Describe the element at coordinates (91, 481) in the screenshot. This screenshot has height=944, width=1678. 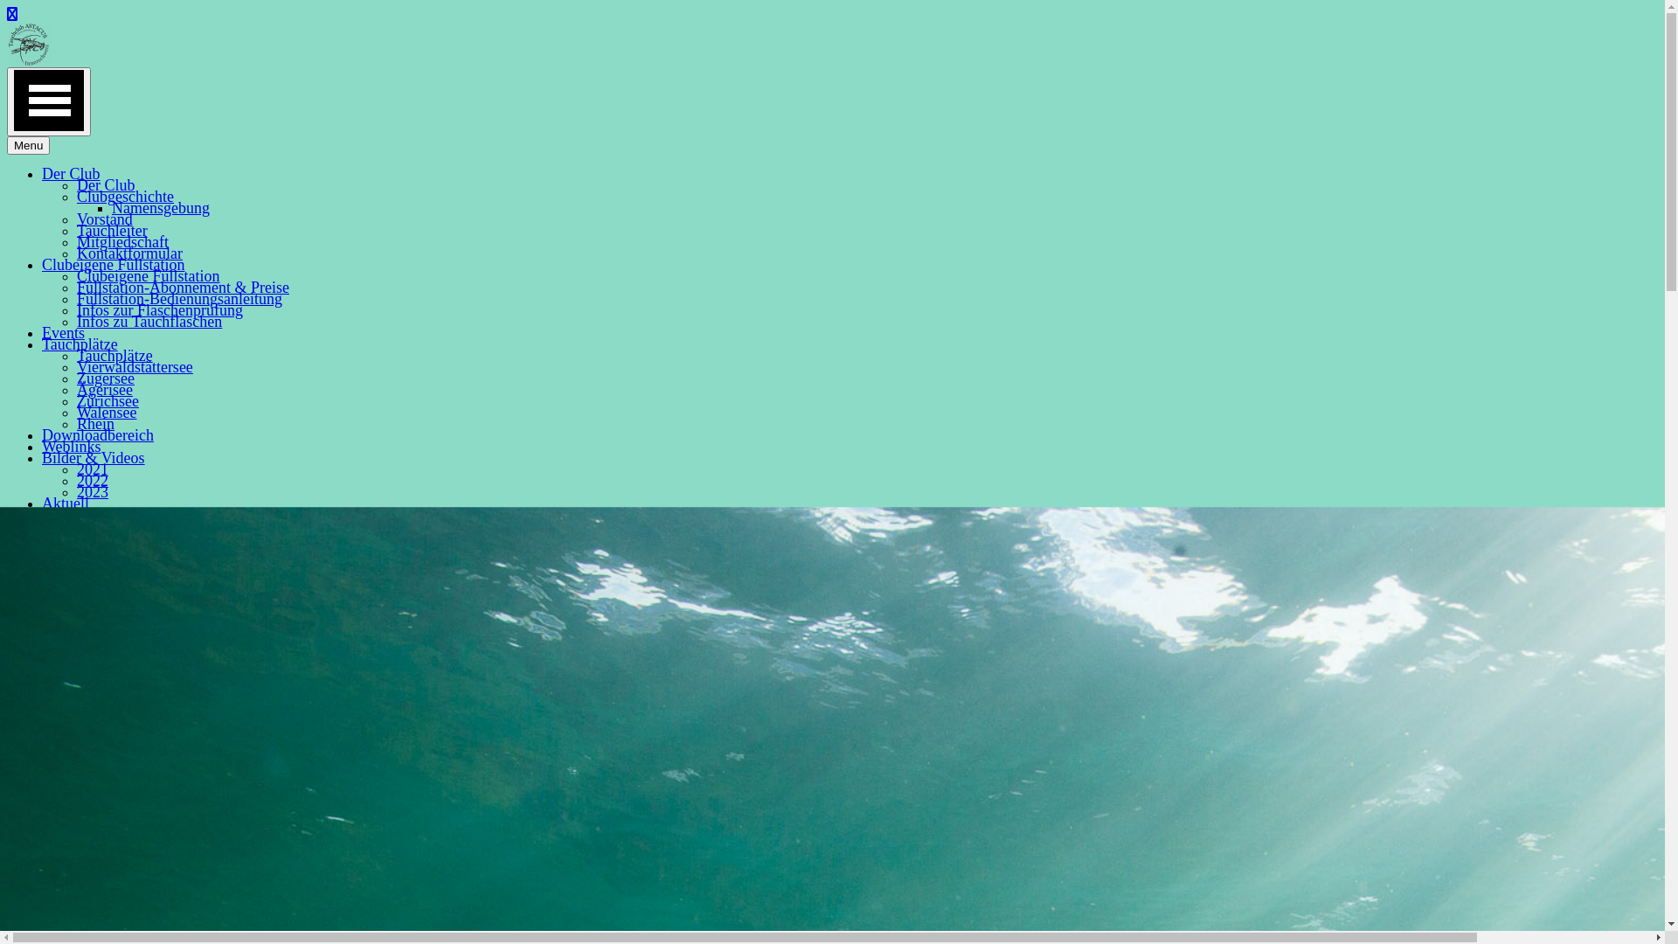
I see `'2022'` at that location.